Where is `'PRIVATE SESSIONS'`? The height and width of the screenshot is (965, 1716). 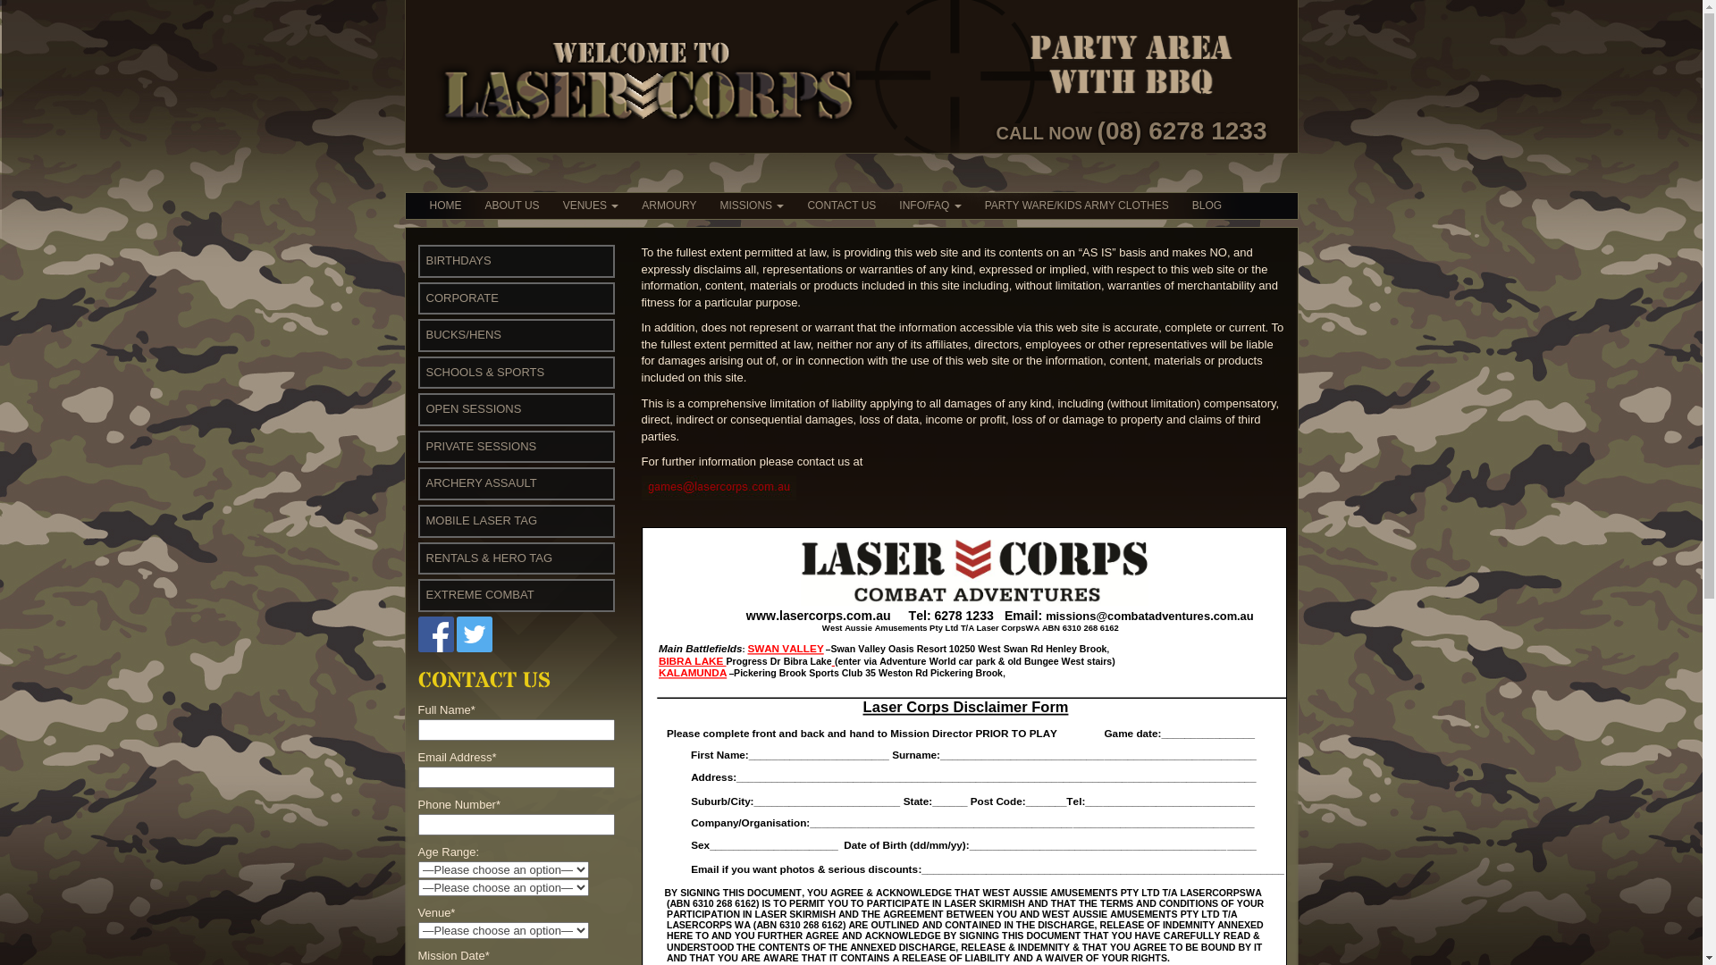 'PRIVATE SESSIONS' is located at coordinates (480, 445).